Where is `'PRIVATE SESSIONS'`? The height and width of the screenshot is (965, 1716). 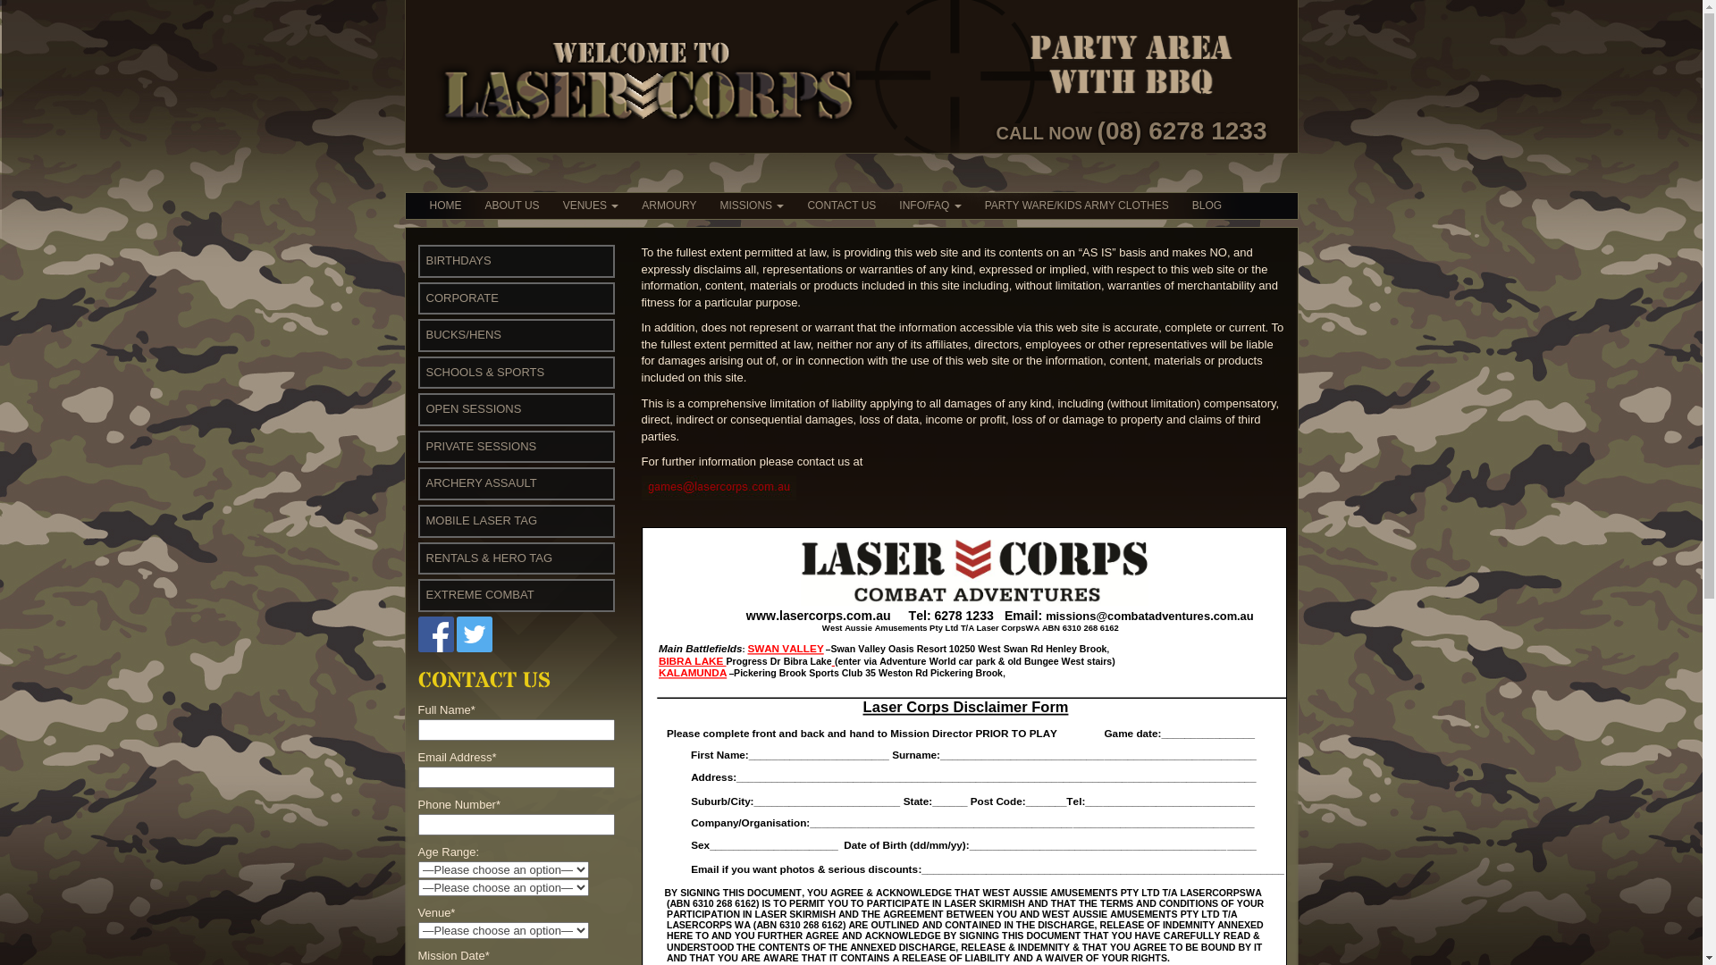 'PRIVATE SESSIONS' is located at coordinates (480, 445).